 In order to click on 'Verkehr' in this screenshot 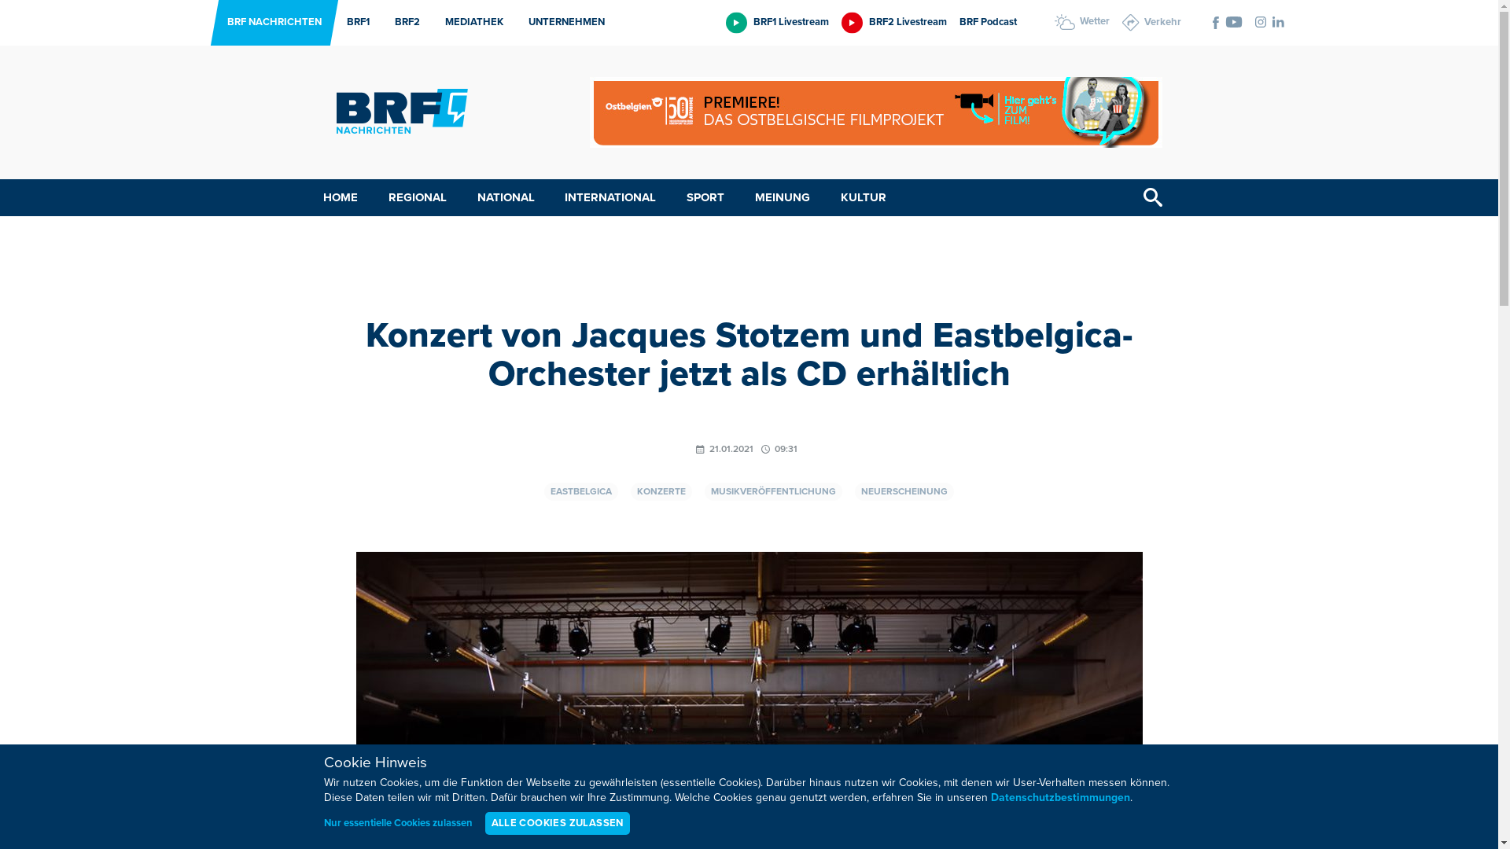, I will do `click(1151, 23)`.